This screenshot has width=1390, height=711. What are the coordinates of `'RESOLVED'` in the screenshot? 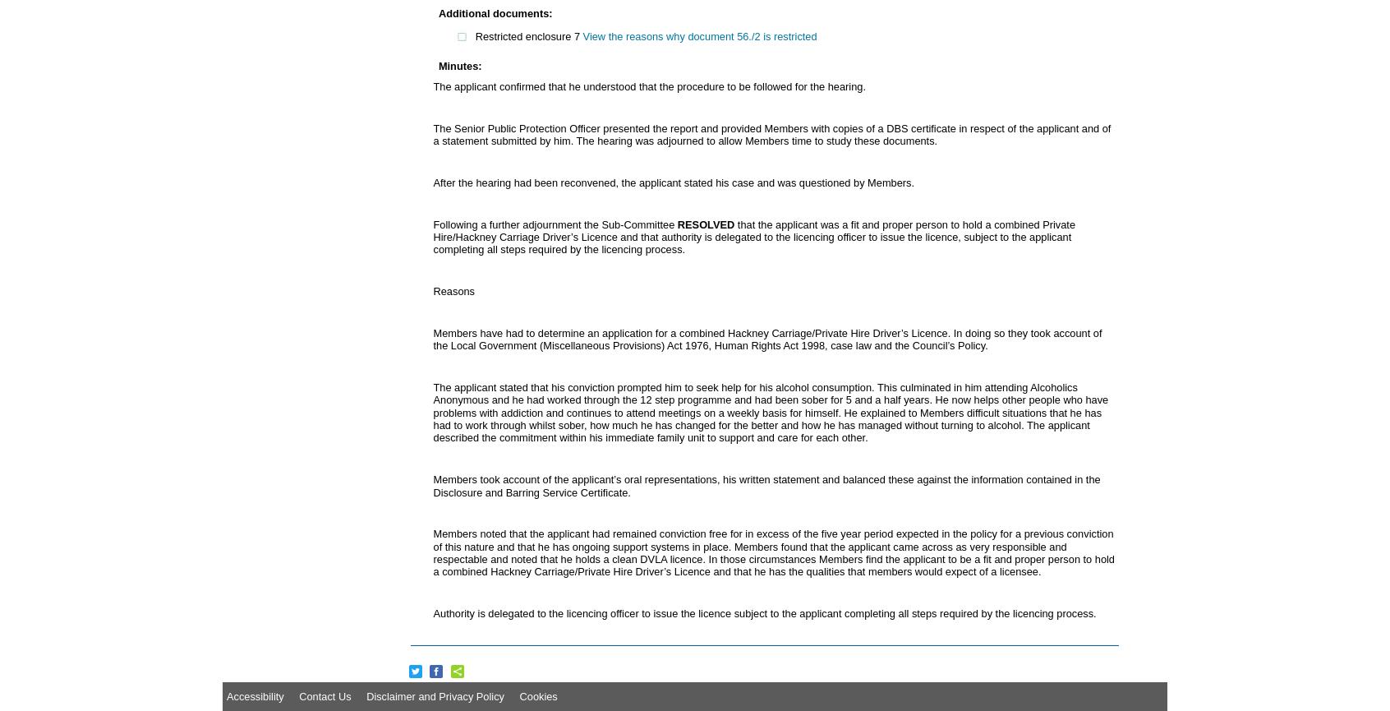 It's located at (705, 223).